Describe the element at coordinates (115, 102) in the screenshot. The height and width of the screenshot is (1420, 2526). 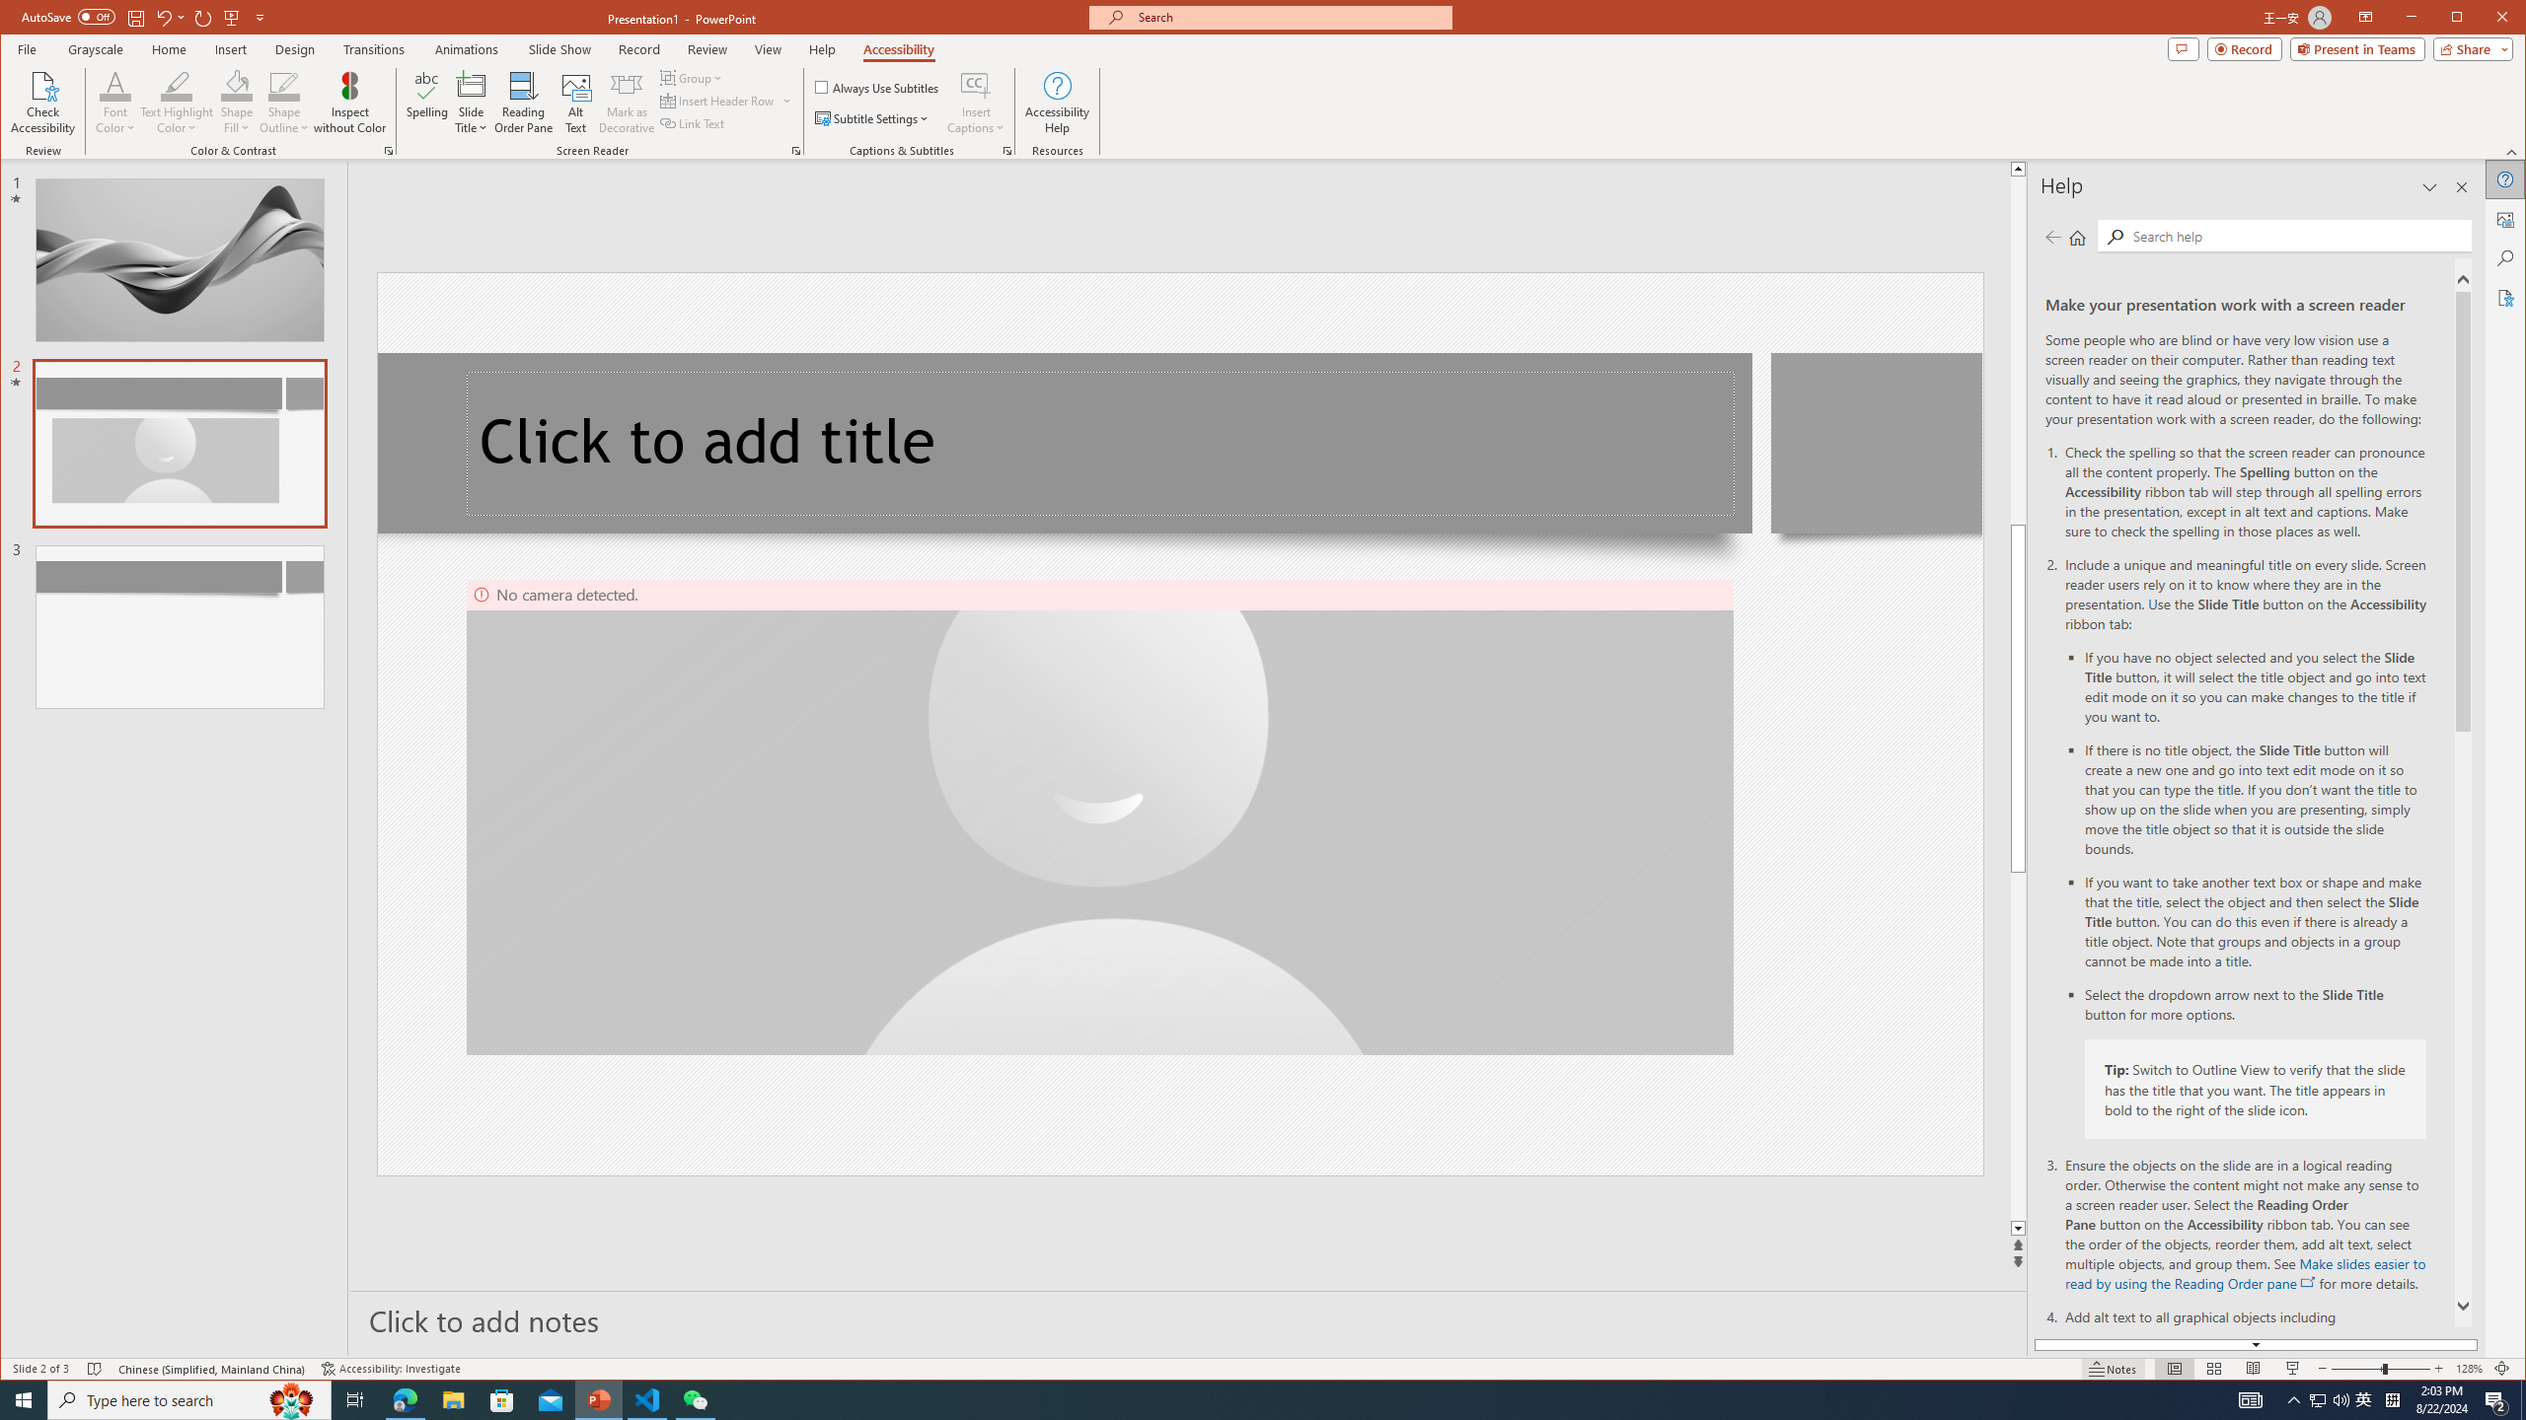
I see `'Font Color'` at that location.